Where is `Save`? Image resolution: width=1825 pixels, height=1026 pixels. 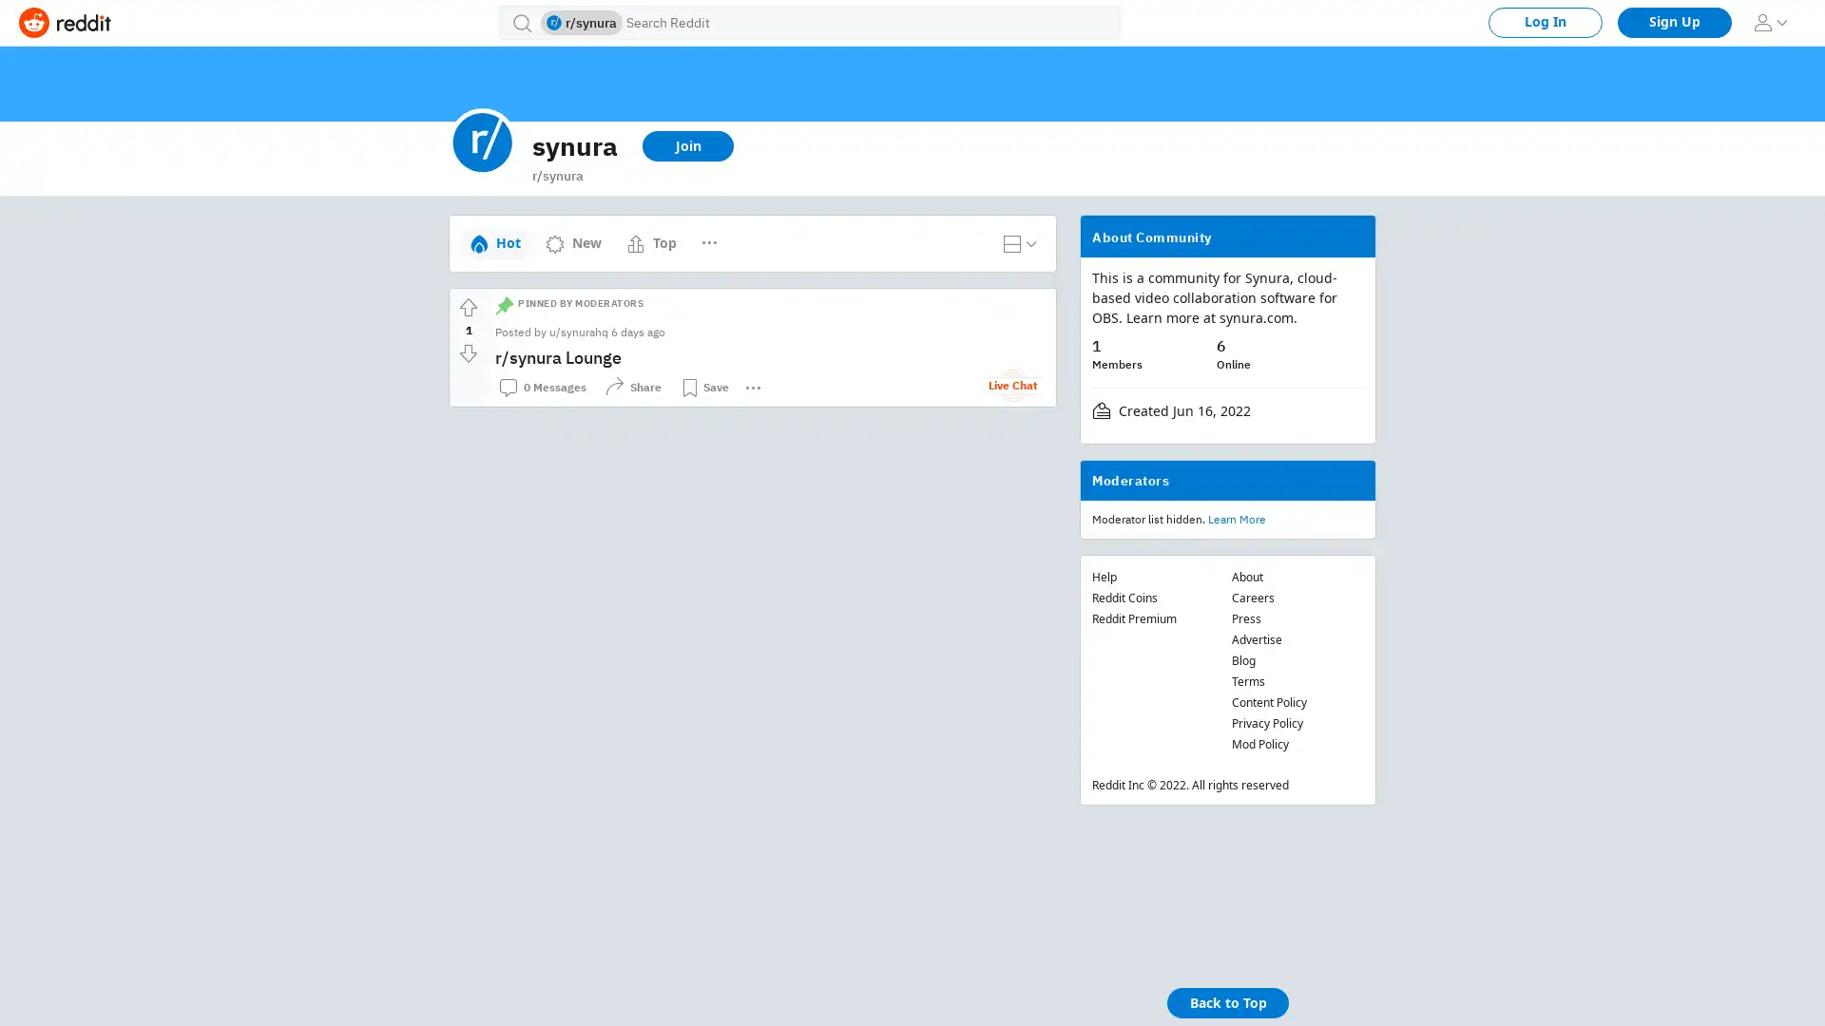 Save is located at coordinates (703, 387).